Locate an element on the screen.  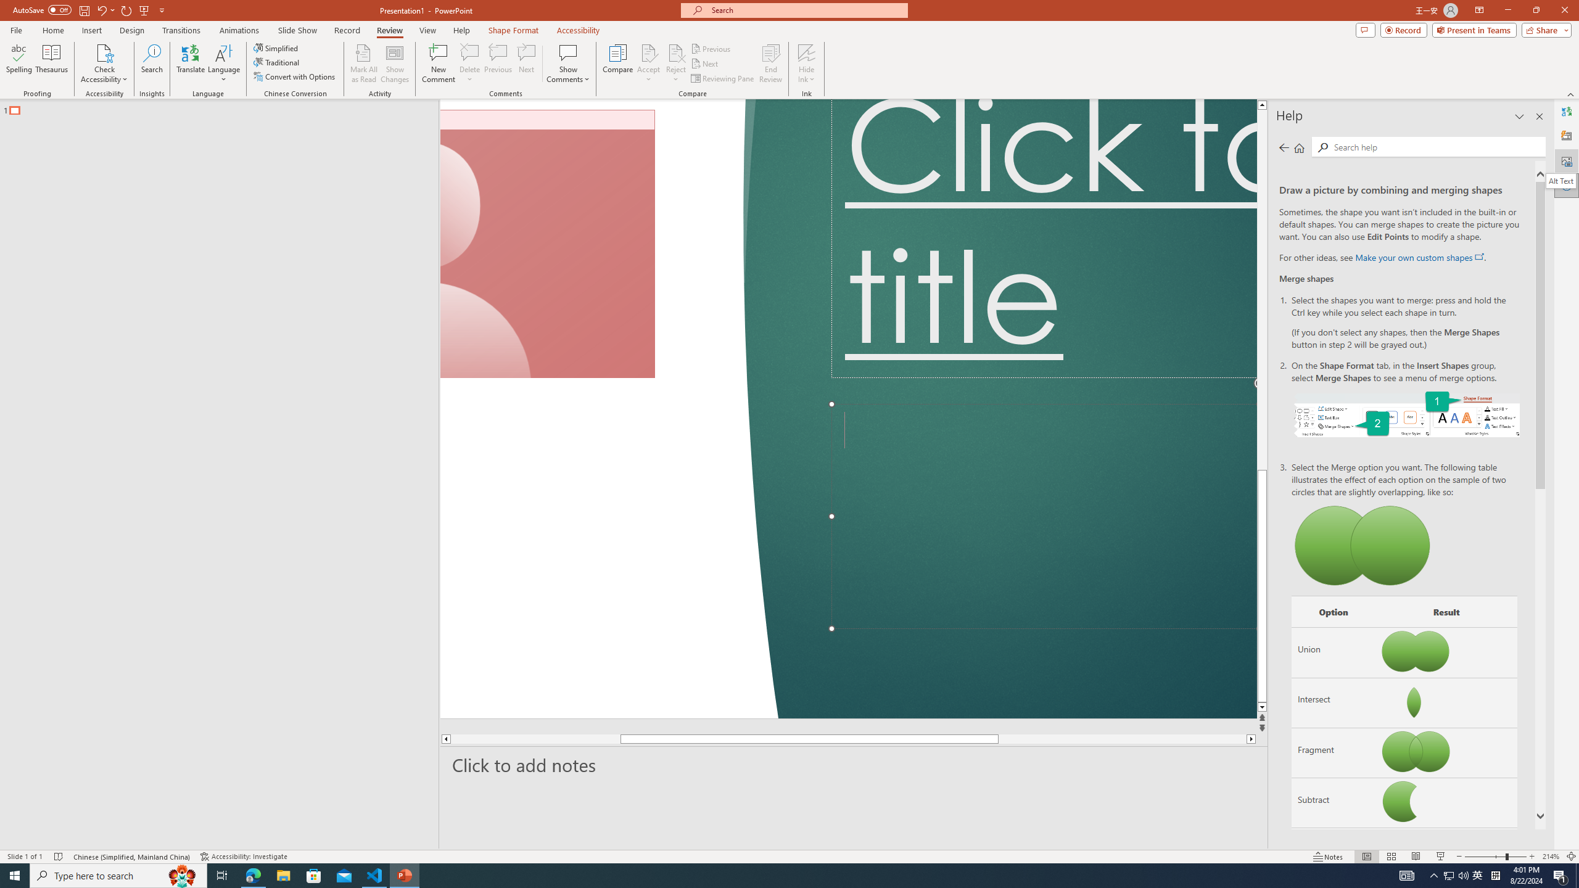
'Translator' is located at coordinates (1566, 111).